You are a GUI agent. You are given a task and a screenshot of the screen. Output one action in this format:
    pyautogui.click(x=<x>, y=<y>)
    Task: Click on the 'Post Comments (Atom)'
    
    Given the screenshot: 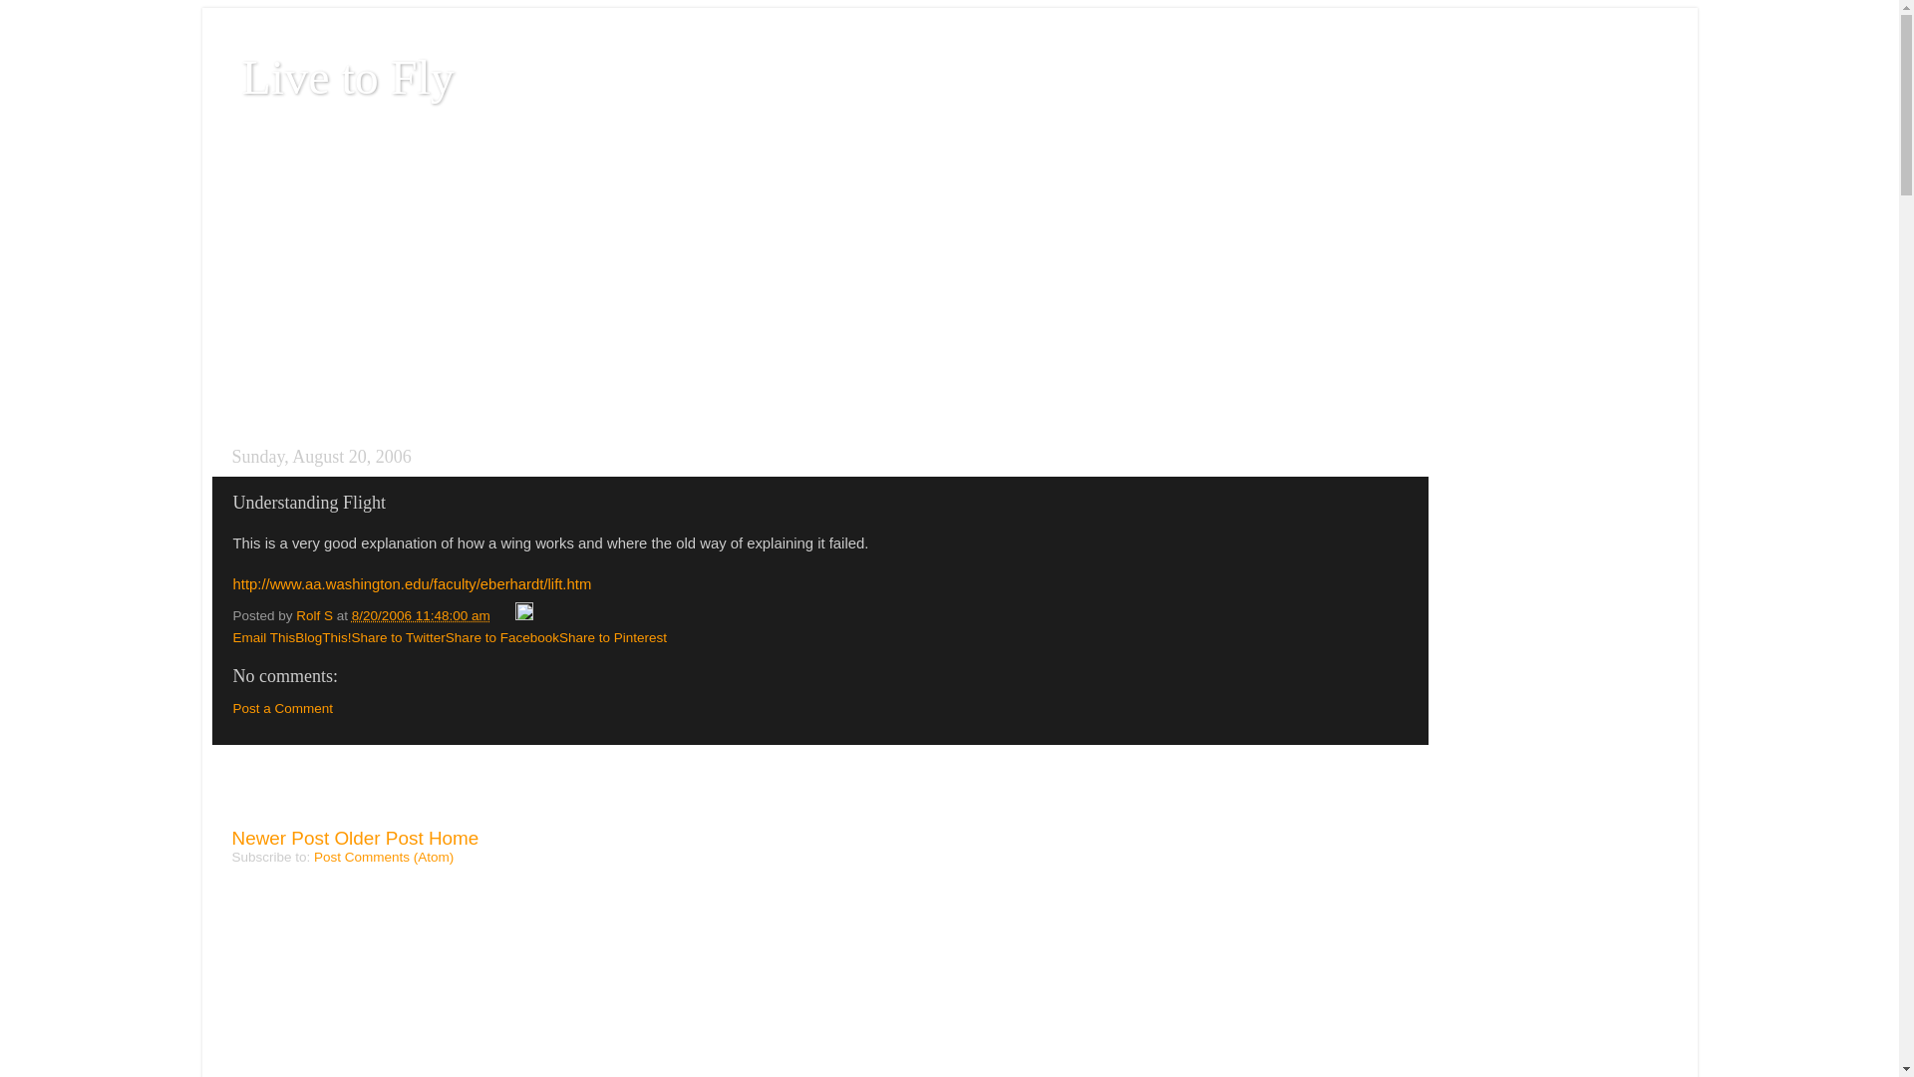 What is the action you would take?
    pyautogui.click(x=383, y=856)
    